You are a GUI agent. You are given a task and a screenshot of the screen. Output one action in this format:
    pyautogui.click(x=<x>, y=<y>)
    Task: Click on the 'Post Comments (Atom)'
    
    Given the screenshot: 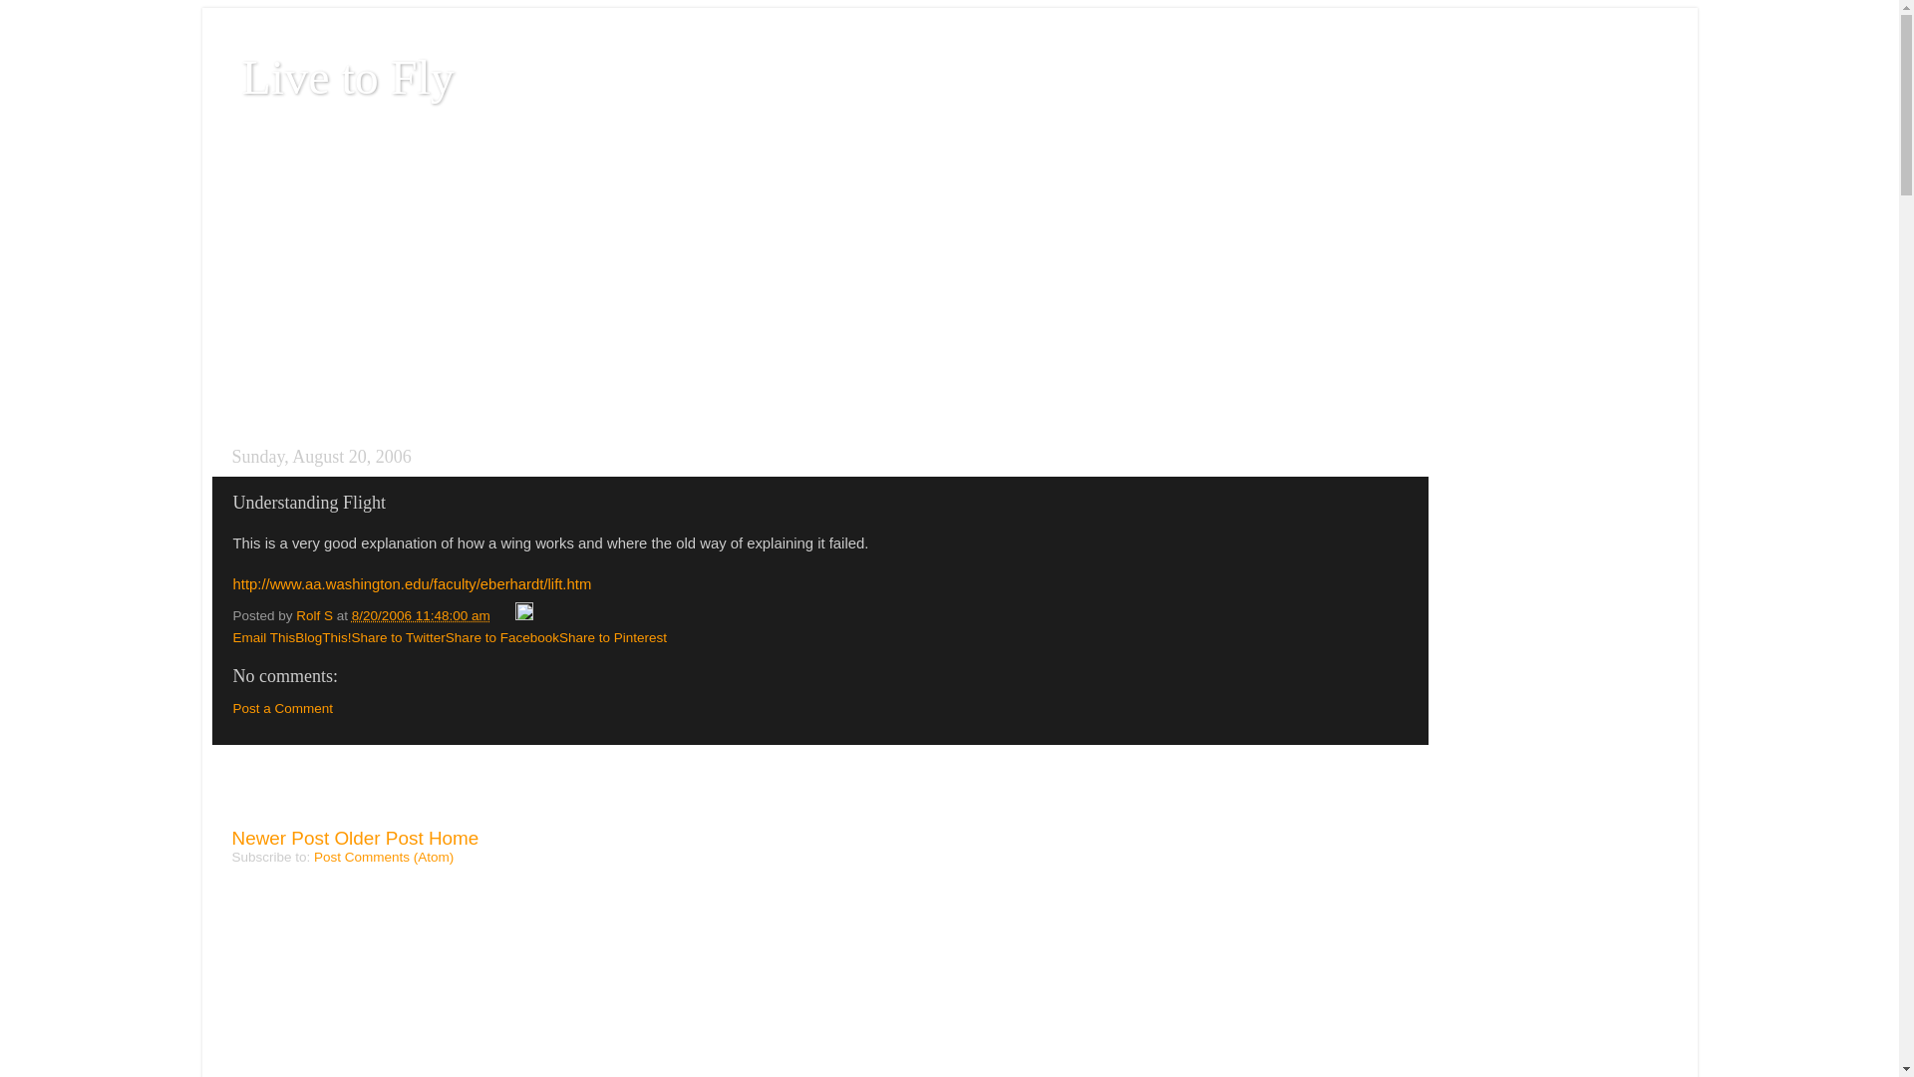 What is the action you would take?
    pyautogui.click(x=383, y=856)
    